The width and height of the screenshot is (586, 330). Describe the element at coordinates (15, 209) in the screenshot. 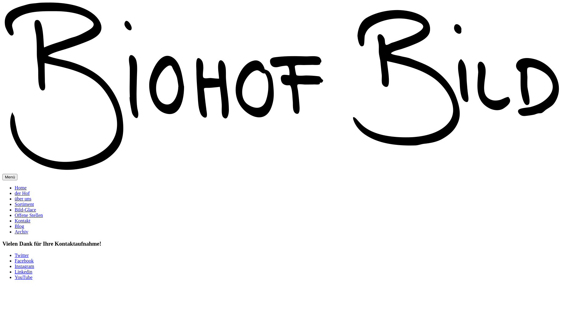

I see `'Bild-Glace'` at that location.